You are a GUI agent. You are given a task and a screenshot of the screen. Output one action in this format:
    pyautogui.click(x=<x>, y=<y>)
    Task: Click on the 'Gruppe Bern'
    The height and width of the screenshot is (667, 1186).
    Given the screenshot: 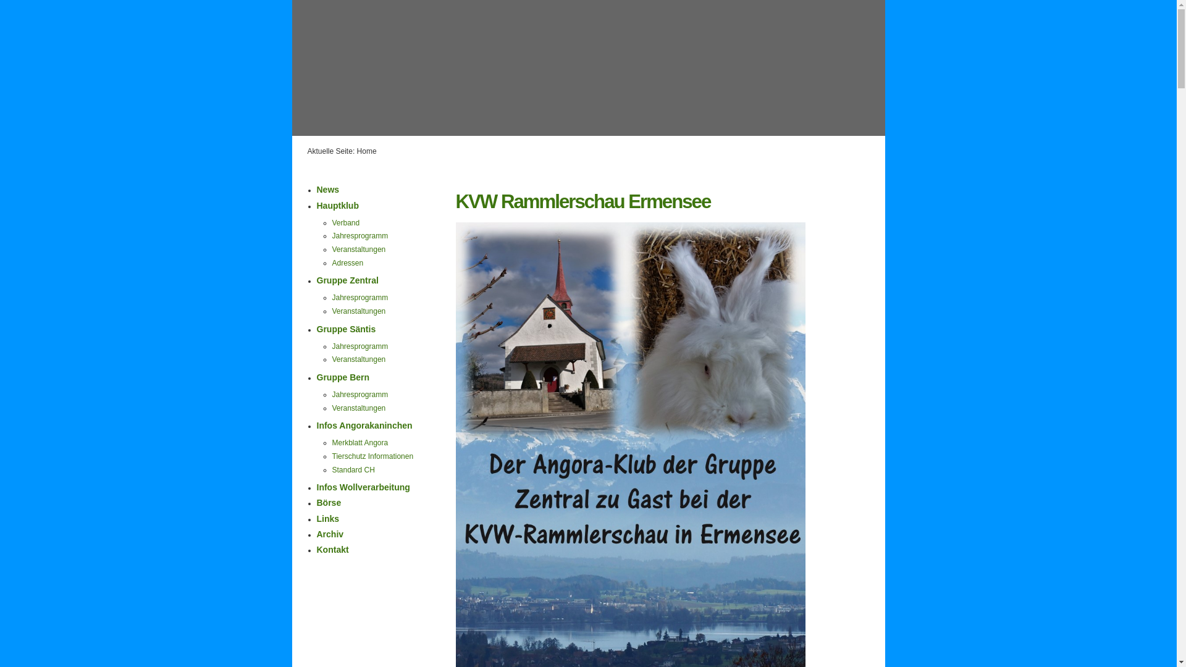 What is the action you would take?
    pyautogui.click(x=343, y=376)
    